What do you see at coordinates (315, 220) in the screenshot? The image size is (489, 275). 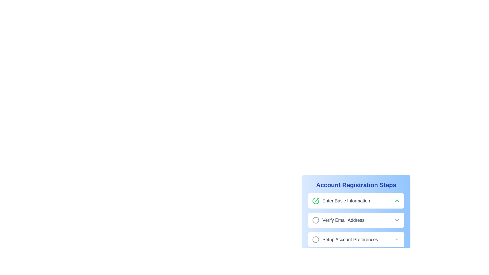 I see `the 'Verify Email Address' icon located in the middle-left portion of the 'Account Registration Steps' card, which is below the 'Enter Basic Information' step and above the 'Setup Account Preferences' step` at bounding box center [315, 220].